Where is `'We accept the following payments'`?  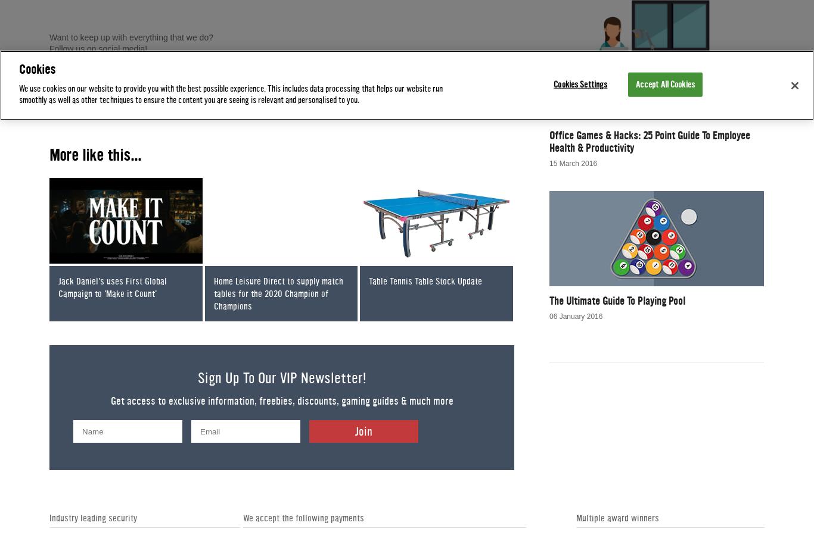 'We accept the following payments' is located at coordinates (243, 518).